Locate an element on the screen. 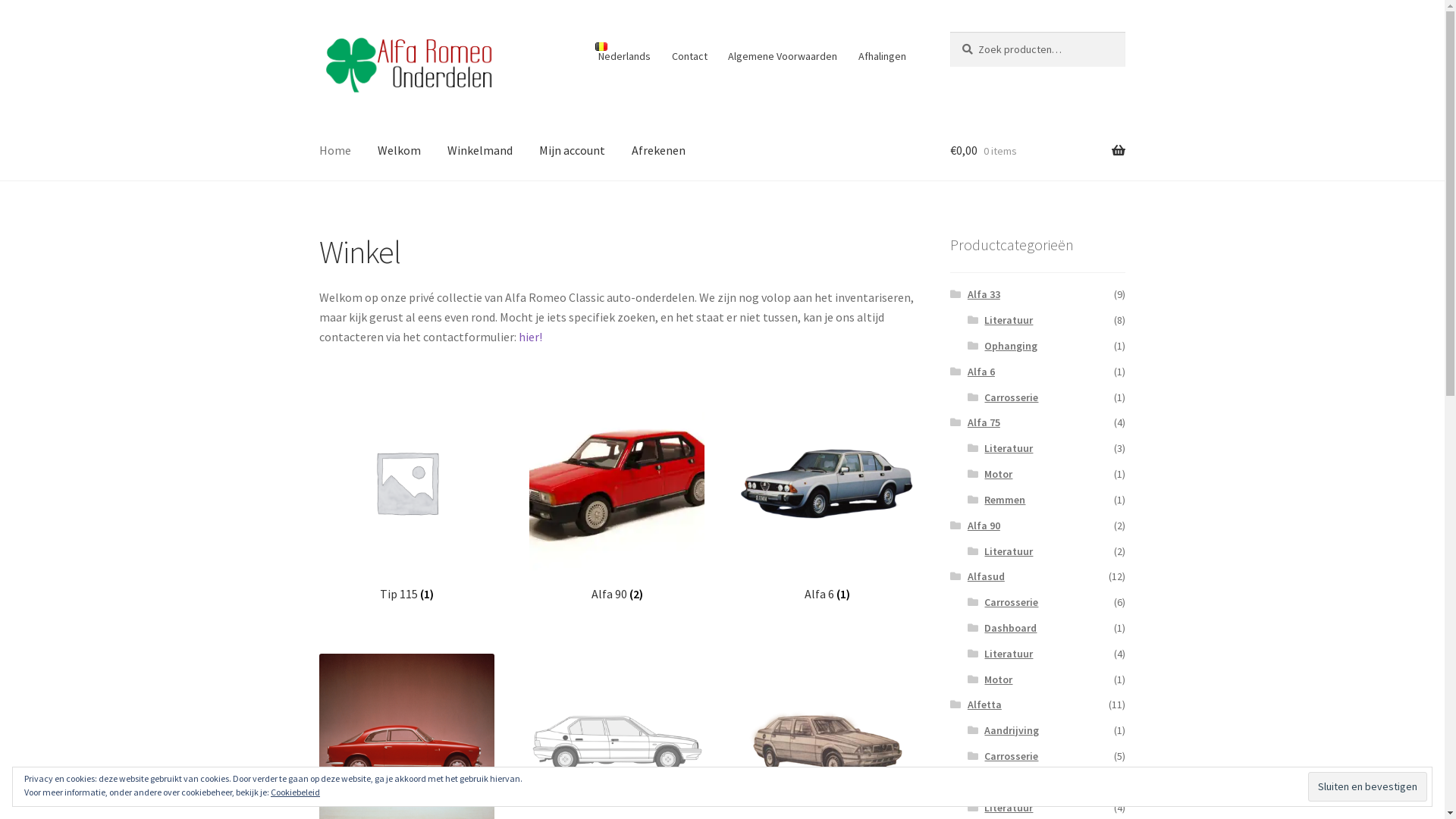 The height and width of the screenshot is (819, 1456). 'Motor' is located at coordinates (998, 678).